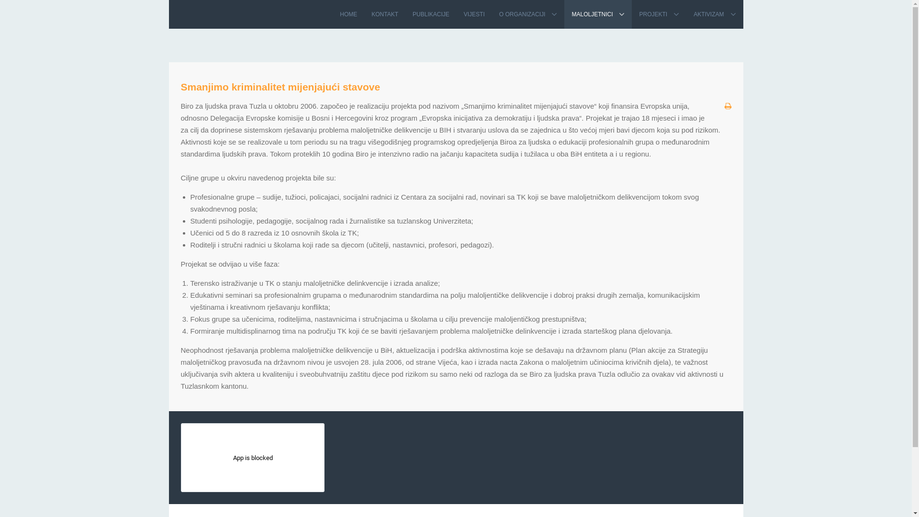 This screenshot has width=919, height=517. What do you see at coordinates (659, 14) in the screenshot?
I see `'PROJEKTI'` at bounding box center [659, 14].